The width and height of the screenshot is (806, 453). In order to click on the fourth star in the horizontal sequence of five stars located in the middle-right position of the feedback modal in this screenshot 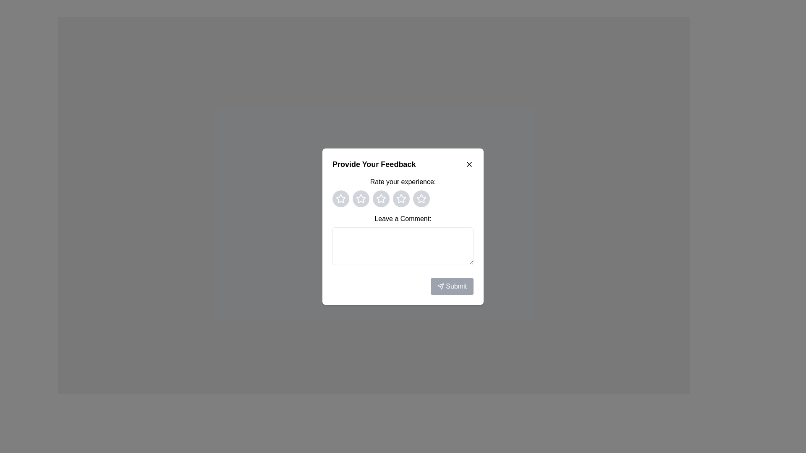, I will do `click(421, 198)`.